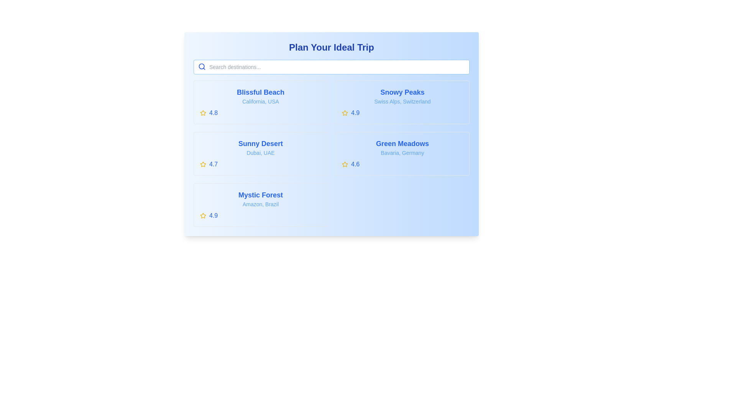 The width and height of the screenshot is (736, 414). I want to click on the fourth card in the grid layout, so click(402, 154).